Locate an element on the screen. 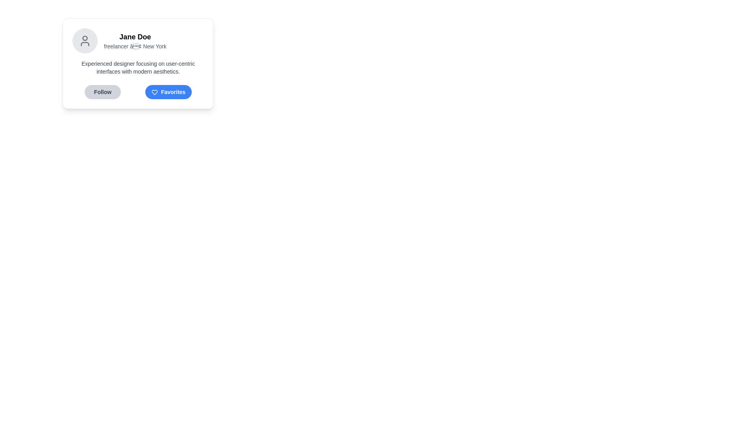 Image resolution: width=756 pixels, height=425 pixels. the user icon, which is a minimalistic illustration of a person's shoulders and head outlined in gray, located at the top-left area of the information card is located at coordinates (85, 41).